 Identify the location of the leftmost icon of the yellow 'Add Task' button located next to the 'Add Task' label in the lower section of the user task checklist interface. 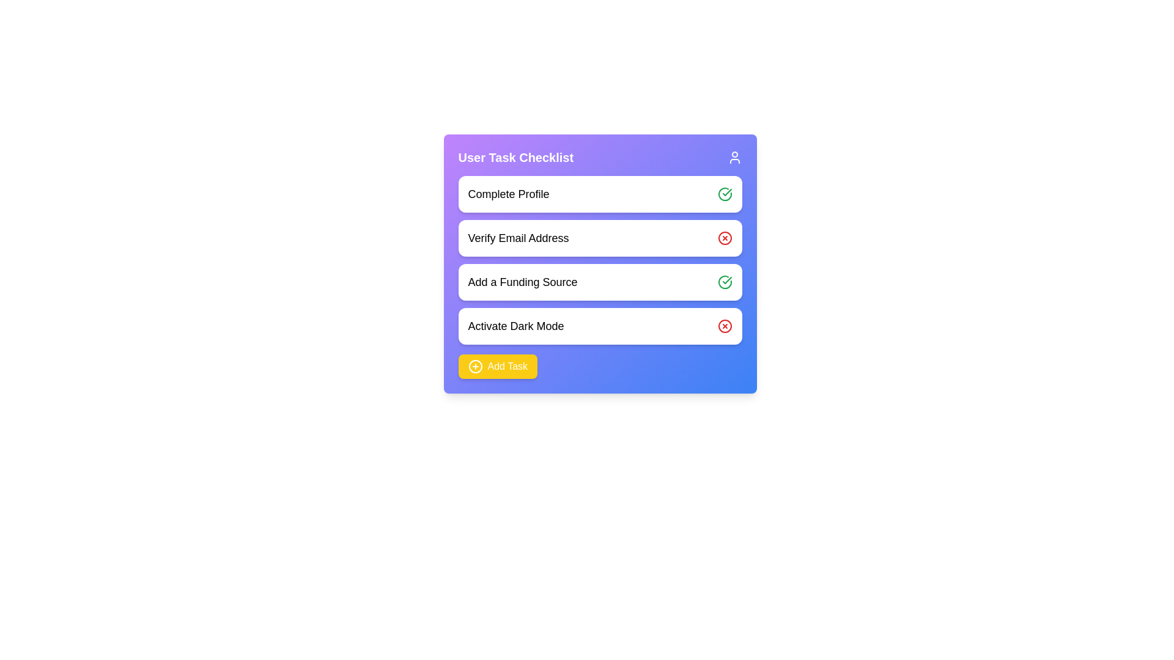
(474, 366).